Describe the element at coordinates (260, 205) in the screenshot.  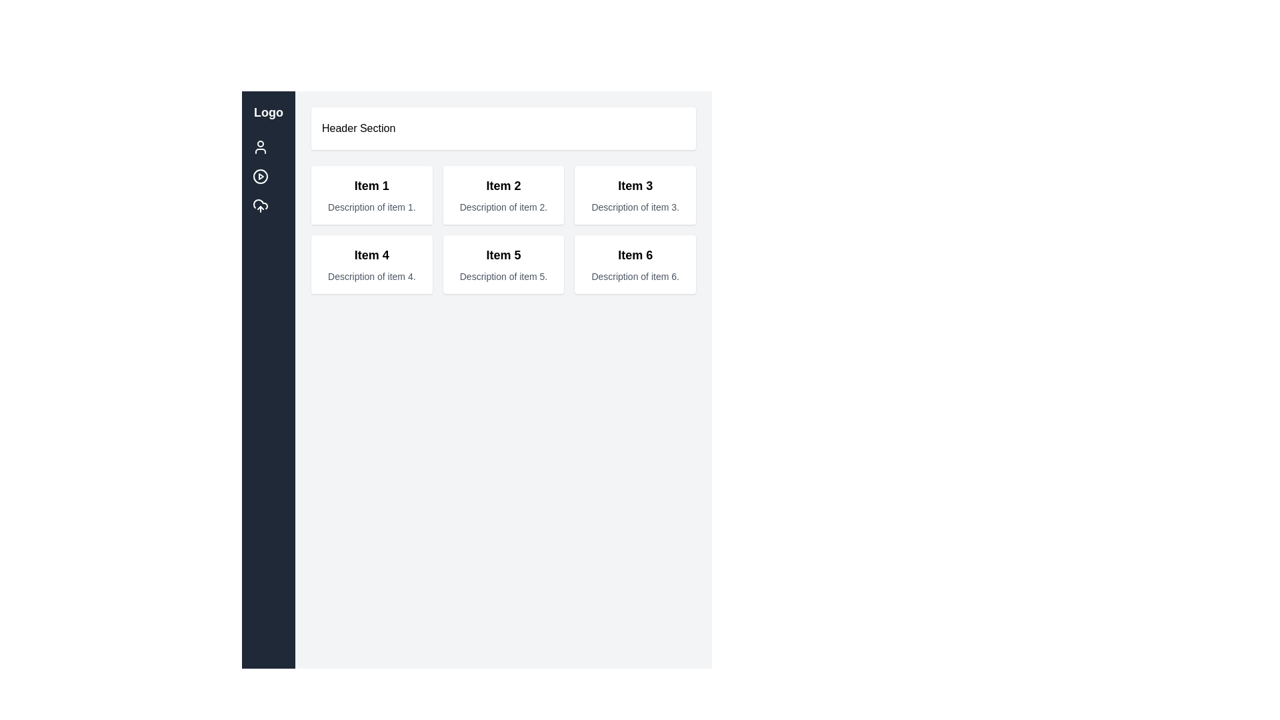
I see `the cloud upload icon, which is the third icon in the vertical list located in the left sidebar` at that location.